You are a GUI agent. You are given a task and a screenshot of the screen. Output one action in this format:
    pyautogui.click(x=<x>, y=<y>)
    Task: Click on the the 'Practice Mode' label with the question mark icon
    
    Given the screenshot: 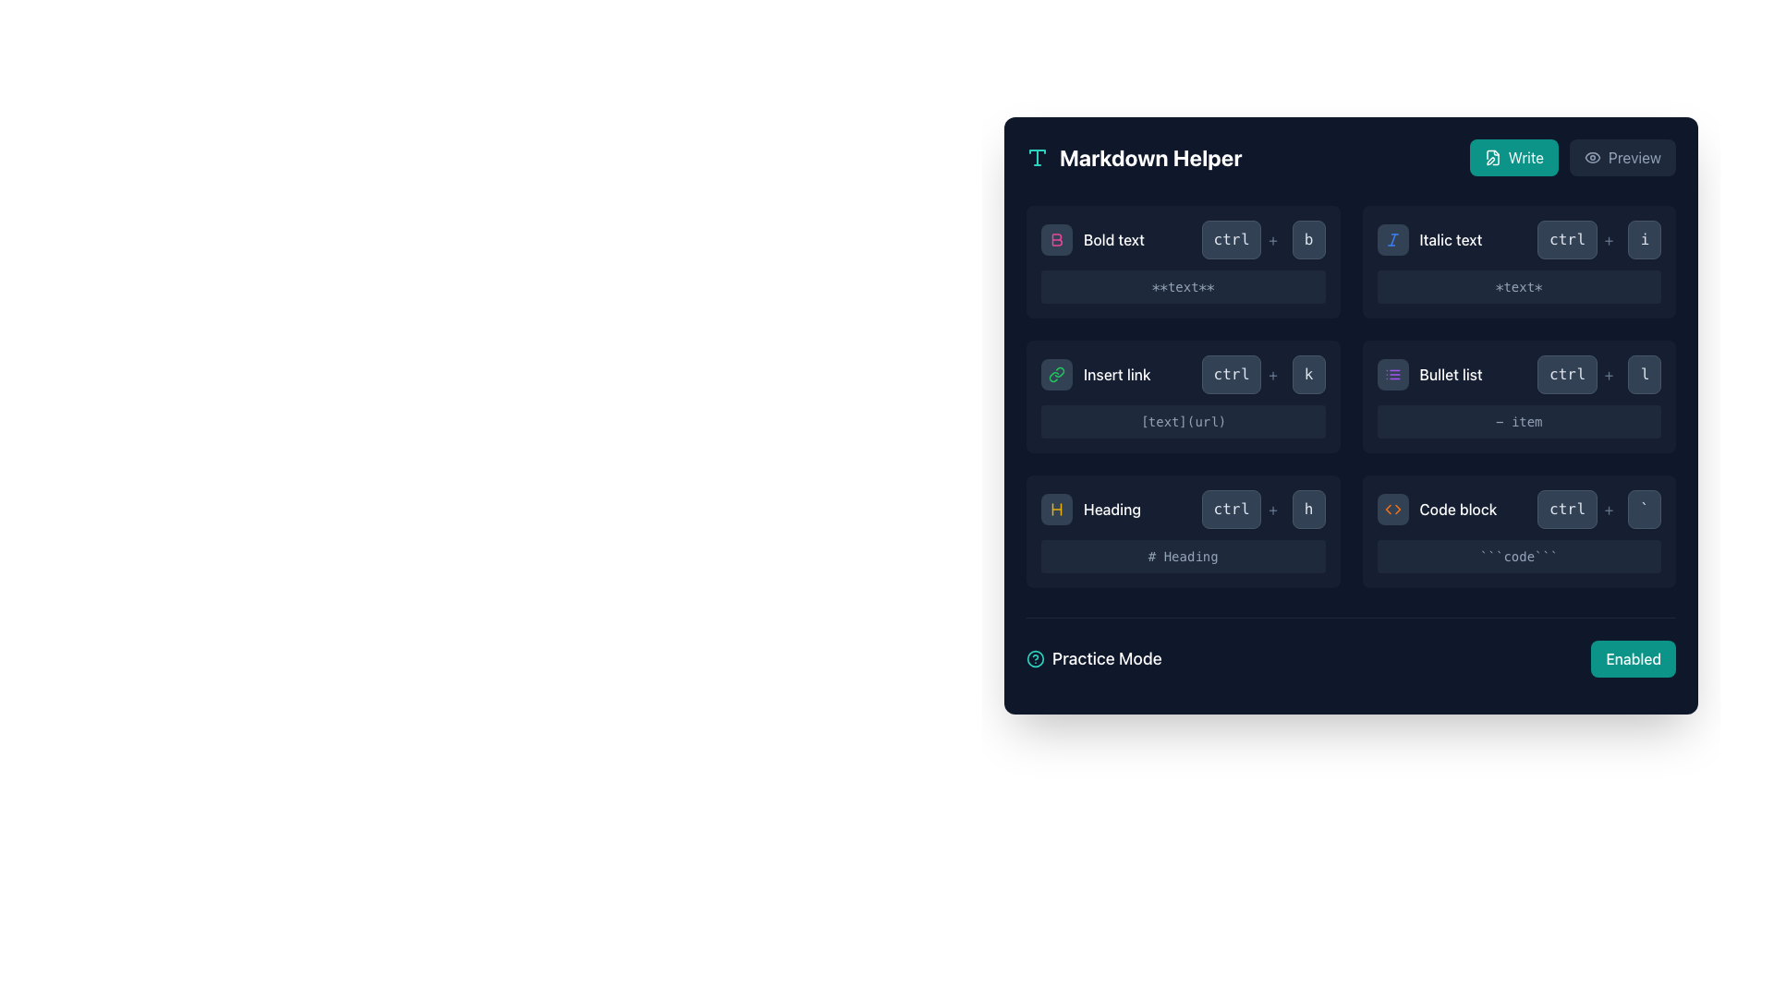 What is the action you would take?
    pyautogui.click(x=1094, y=657)
    